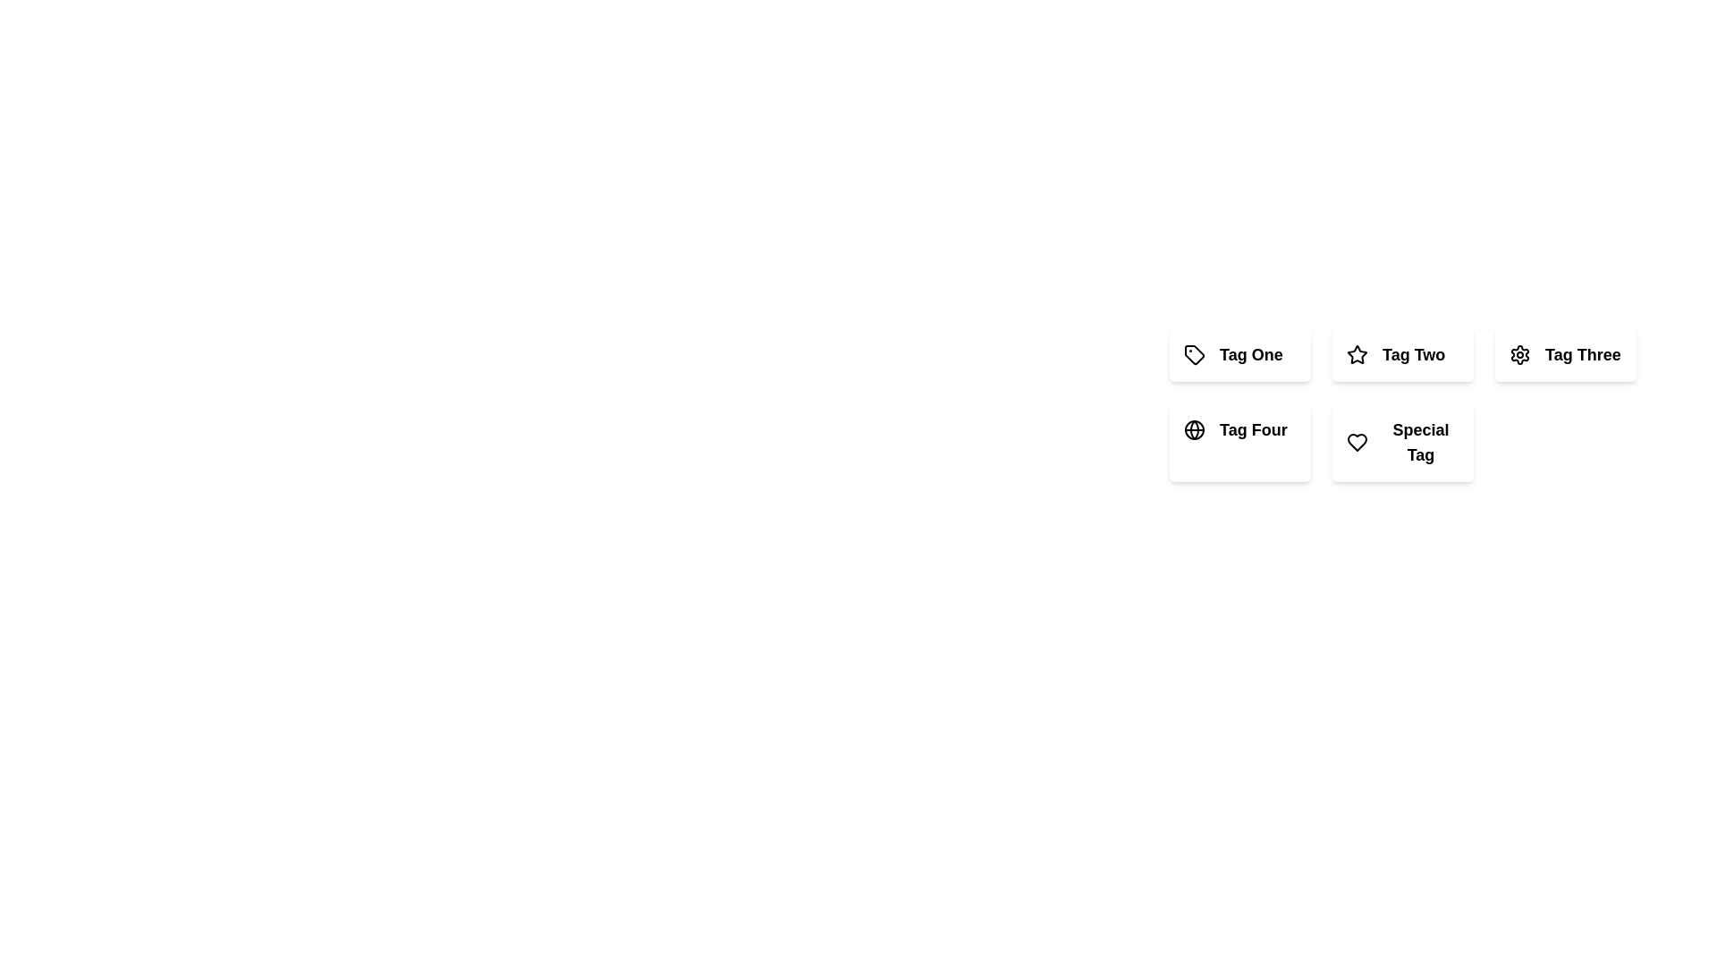 This screenshot has height=966, width=1717. Describe the element at coordinates (1413, 355) in the screenshot. I see `the text label representing the tag named 'Tag Two', which is located in the second position from the left in the second row of a grid-style arrangement` at that location.